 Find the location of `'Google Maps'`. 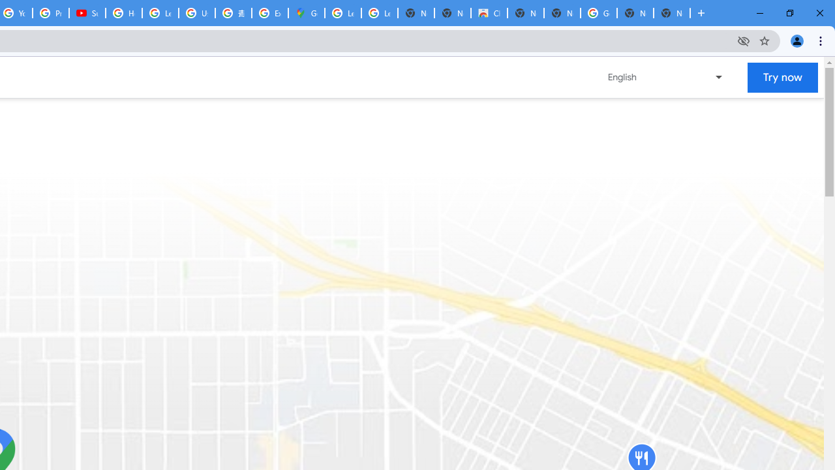

'Google Maps' is located at coordinates (305, 13).